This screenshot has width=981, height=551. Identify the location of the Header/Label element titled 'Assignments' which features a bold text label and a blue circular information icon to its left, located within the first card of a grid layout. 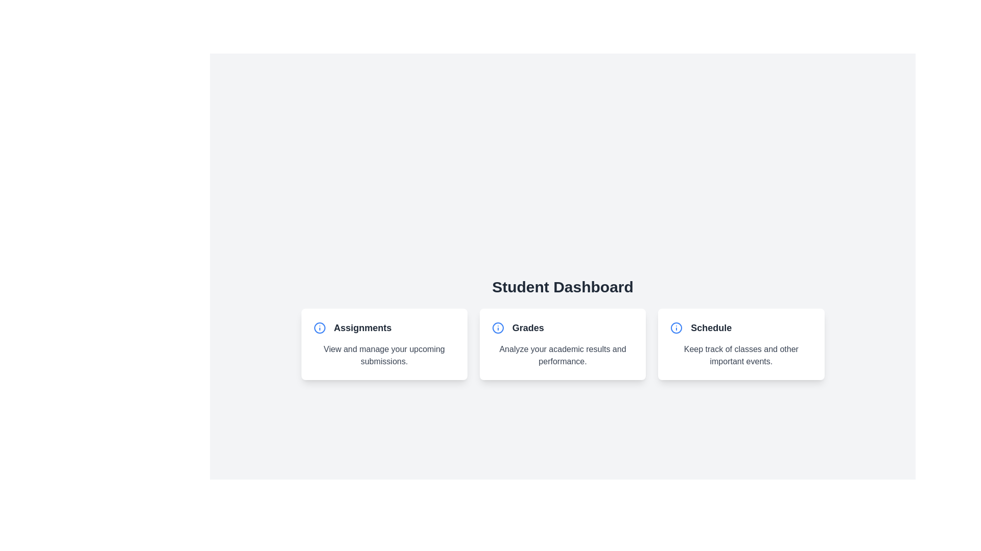
(384, 328).